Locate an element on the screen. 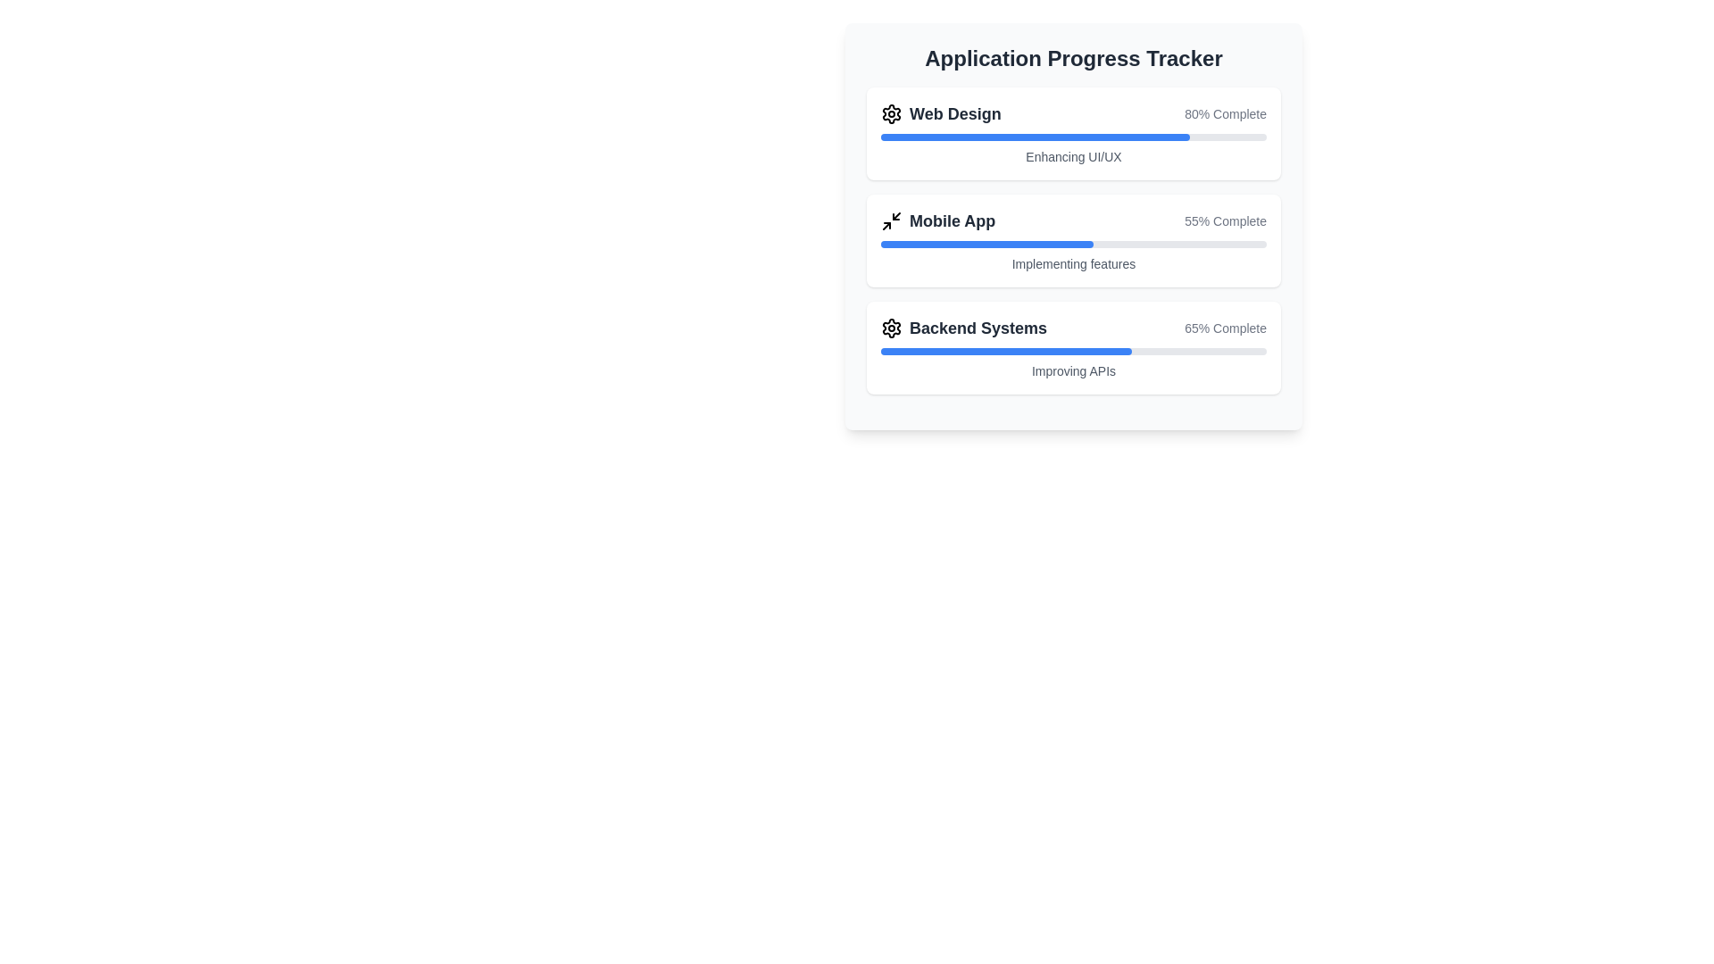  the text label displaying '80% Complete' which indicates the completion percentage of the 'Web Design' task in the progress tracker interface is located at coordinates (1224, 113).